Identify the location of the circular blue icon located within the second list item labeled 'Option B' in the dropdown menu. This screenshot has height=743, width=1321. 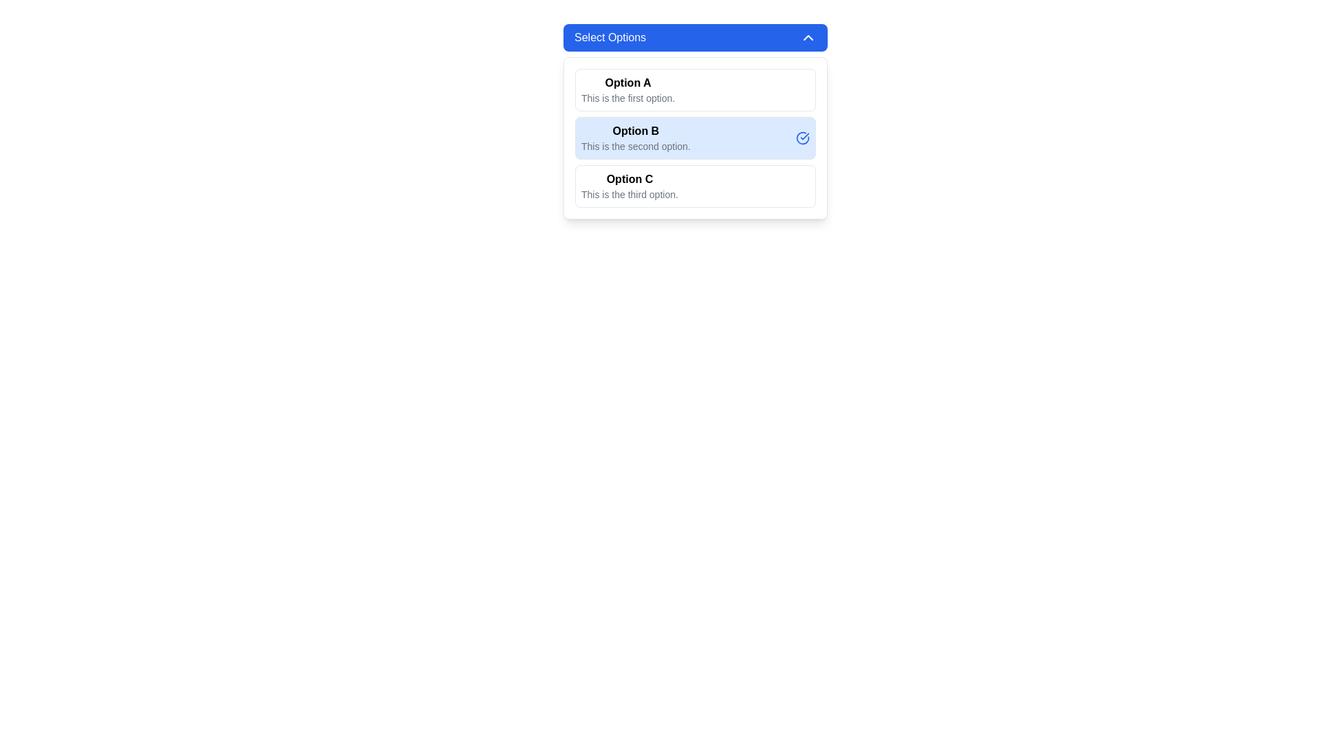
(802, 138).